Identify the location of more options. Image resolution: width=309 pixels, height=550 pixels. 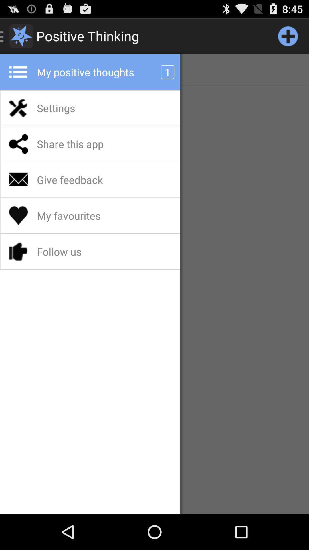
(288, 36).